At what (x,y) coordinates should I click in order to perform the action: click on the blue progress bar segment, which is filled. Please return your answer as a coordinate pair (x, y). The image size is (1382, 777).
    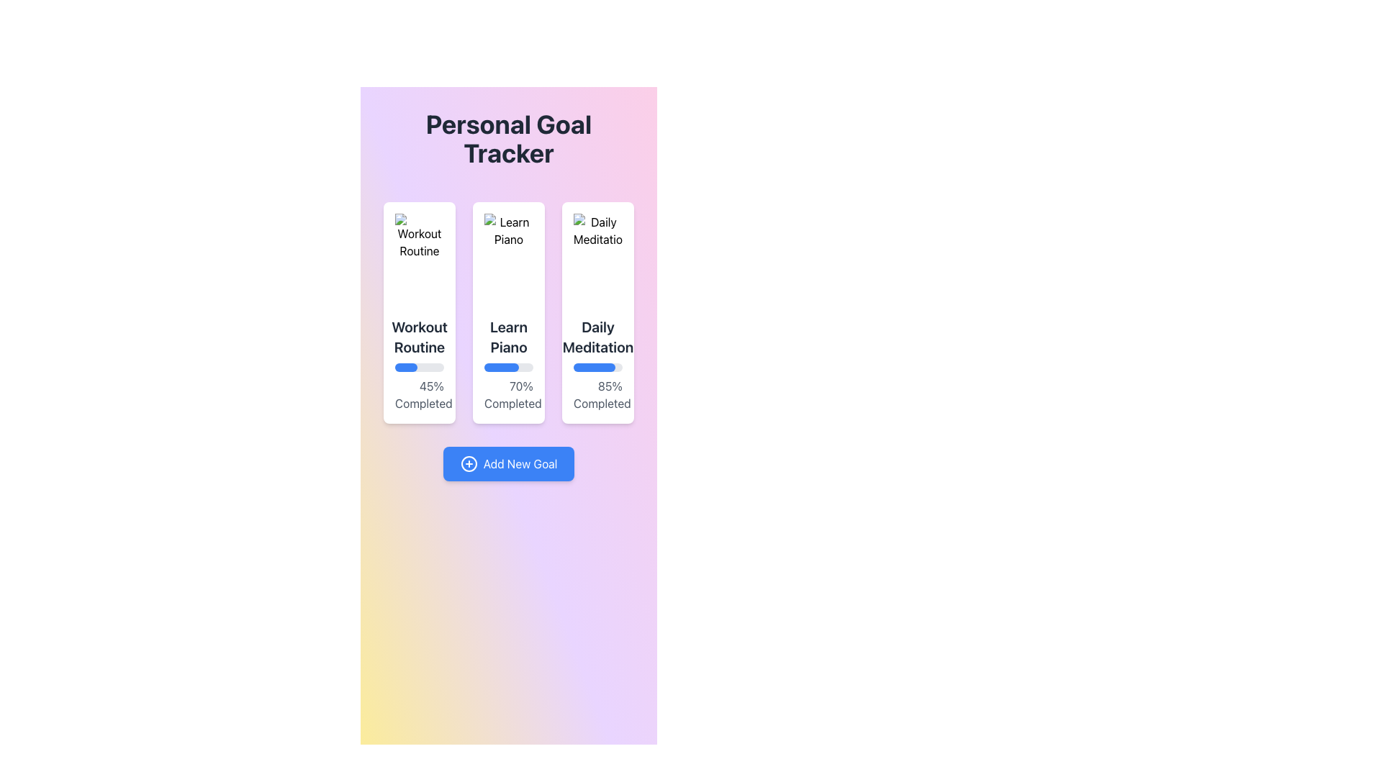
    Looking at the image, I should click on (594, 366).